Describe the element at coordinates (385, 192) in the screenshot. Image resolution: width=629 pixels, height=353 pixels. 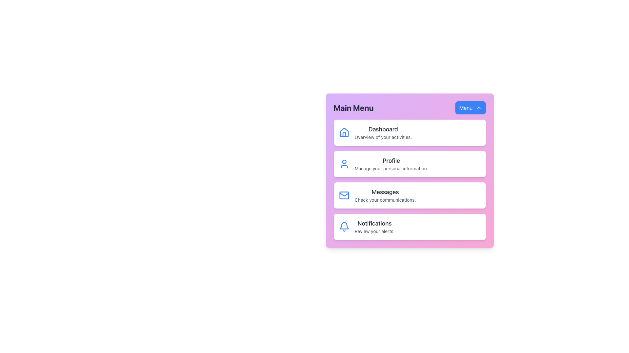
I see `the 'Messages' text label, which is styled with a larger bold font in dark gray, located above the description text in a vertically-oriented menu list` at that location.